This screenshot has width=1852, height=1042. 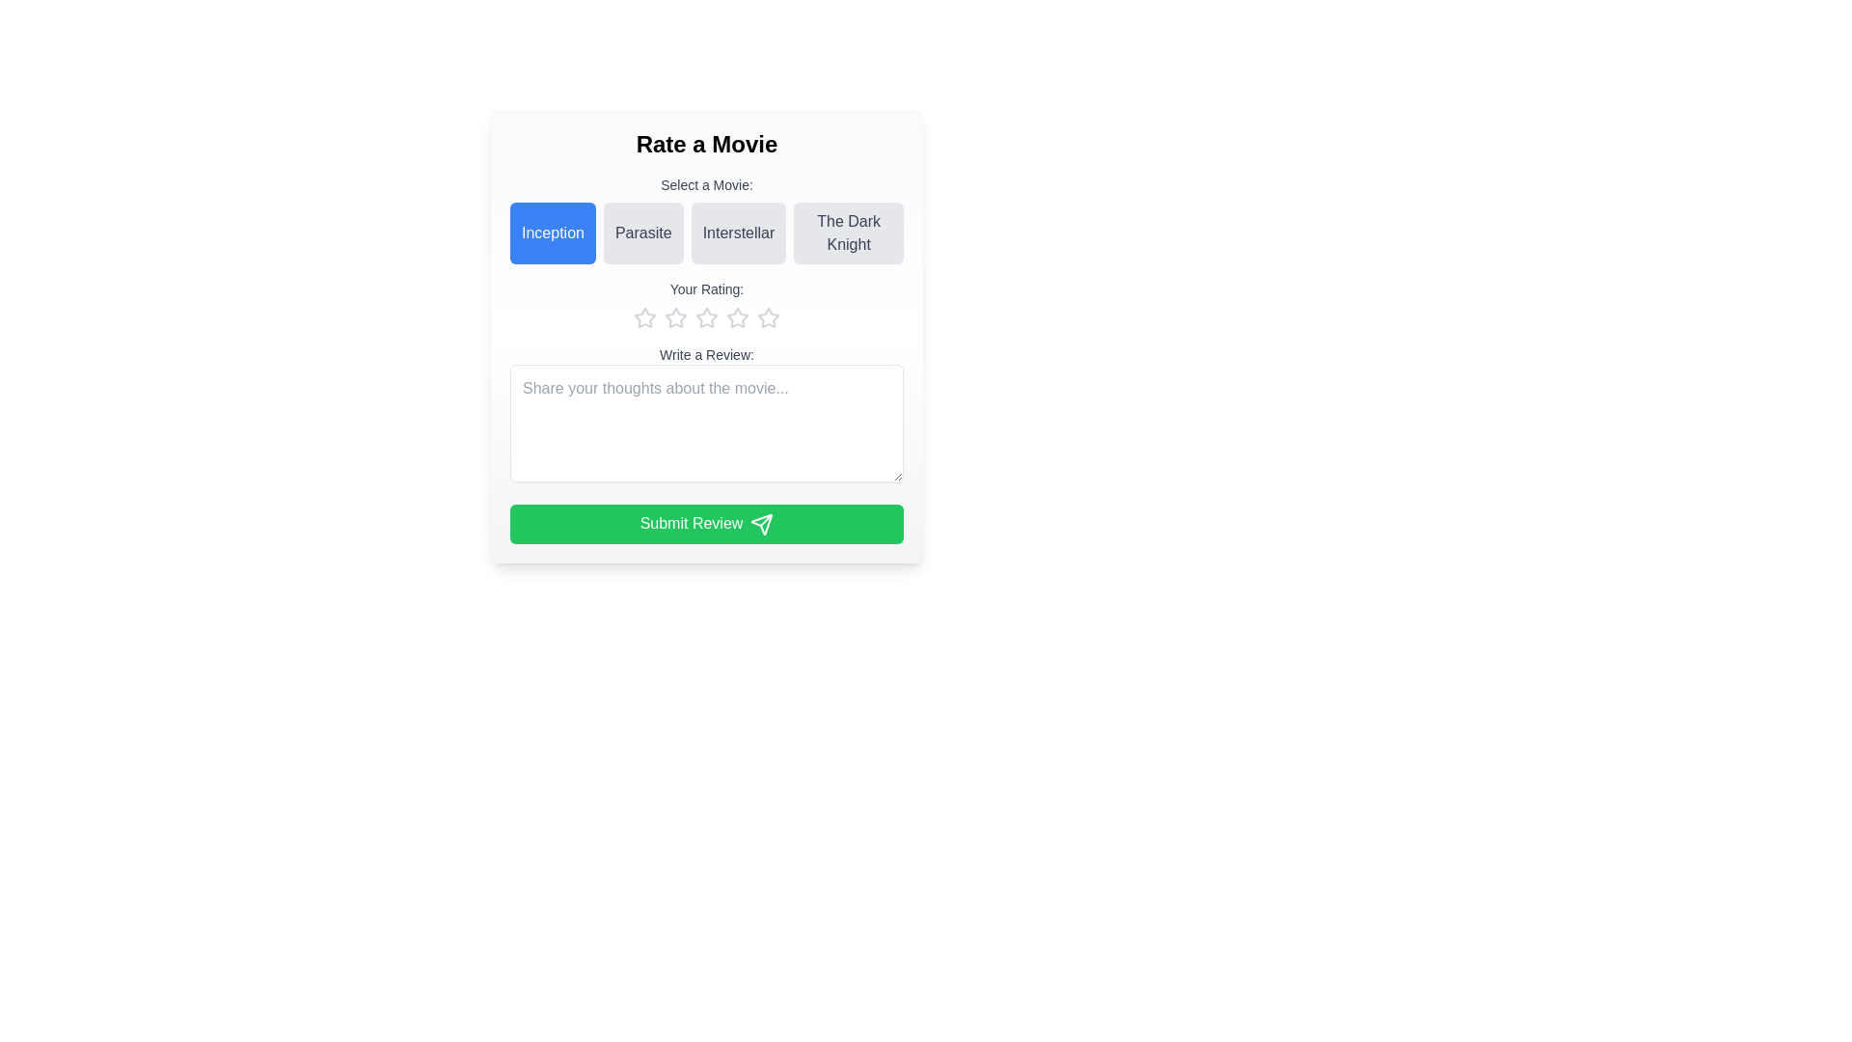 I want to click on the text label displaying 'Your Rating:' which is centrally aligned above the star rating component, so click(x=706, y=289).